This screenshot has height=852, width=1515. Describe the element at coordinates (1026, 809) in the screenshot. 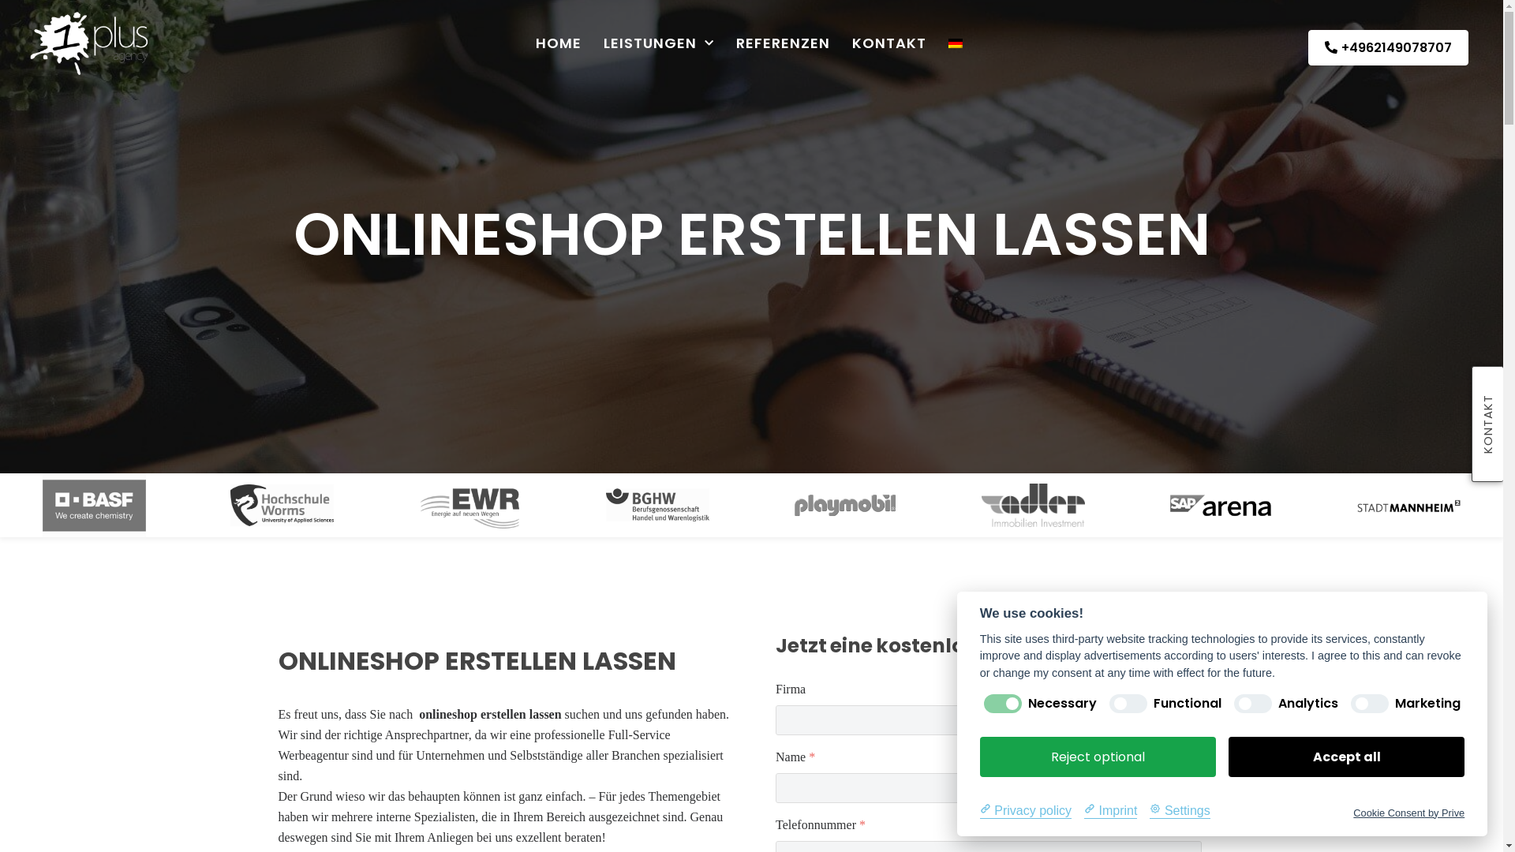

I see `'Privacy policy'` at that location.